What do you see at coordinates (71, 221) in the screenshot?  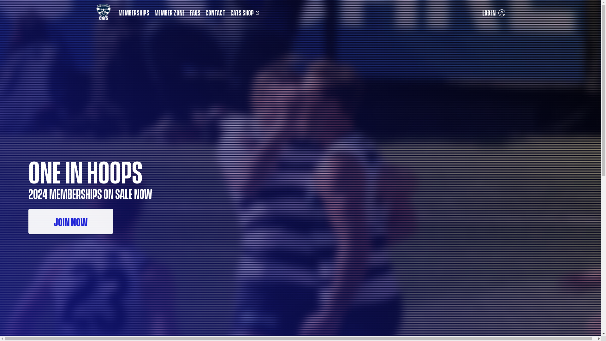 I see `'JOIN NOW'` at bounding box center [71, 221].